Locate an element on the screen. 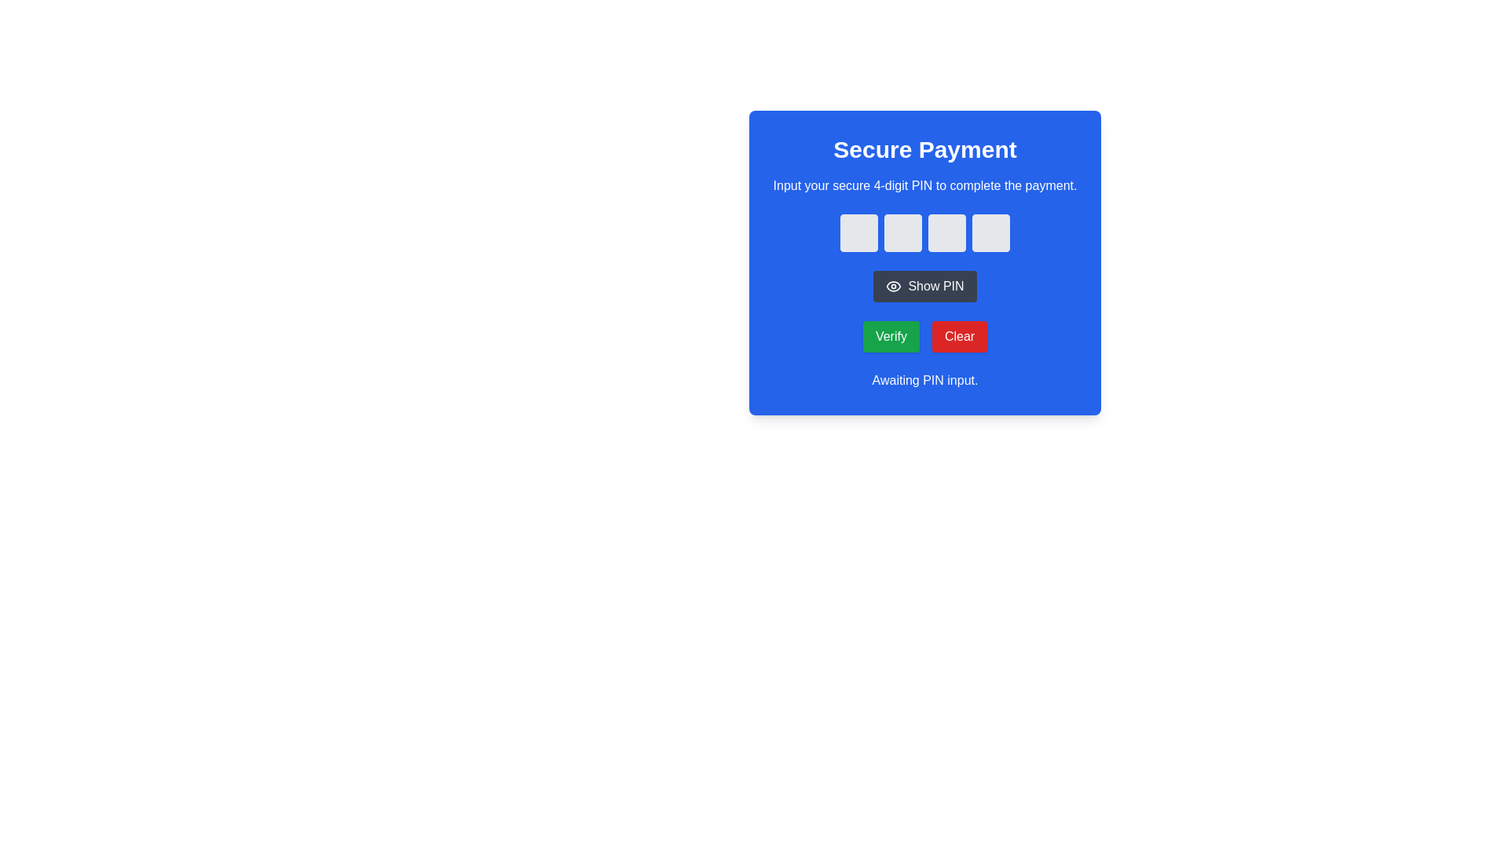 This screenshot has width=1508, height=848. the 'Show PIN' button, which has a dark gray background, rounded corners, and white text, to check for visual feedback is located at coordinates (924, 287).